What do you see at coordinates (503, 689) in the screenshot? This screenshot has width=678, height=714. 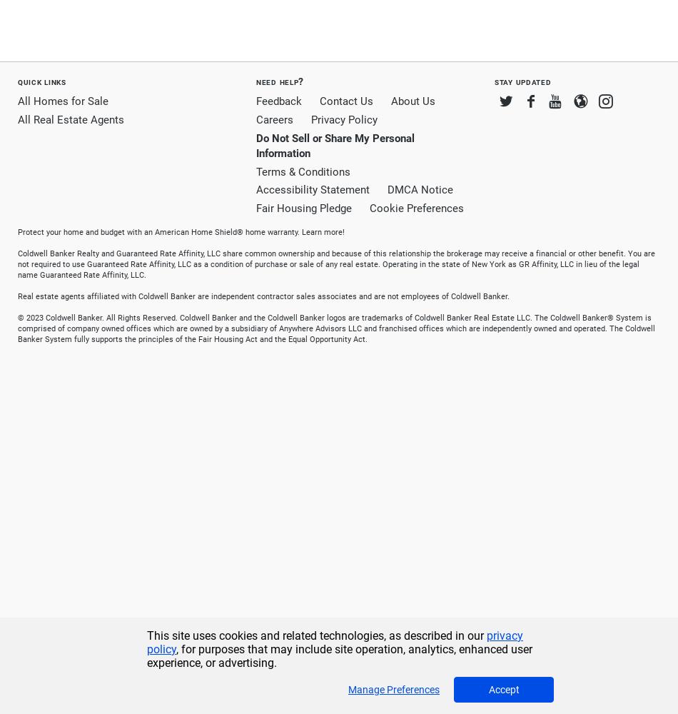 I see `'Accept'` at bounding box center [503, 689].